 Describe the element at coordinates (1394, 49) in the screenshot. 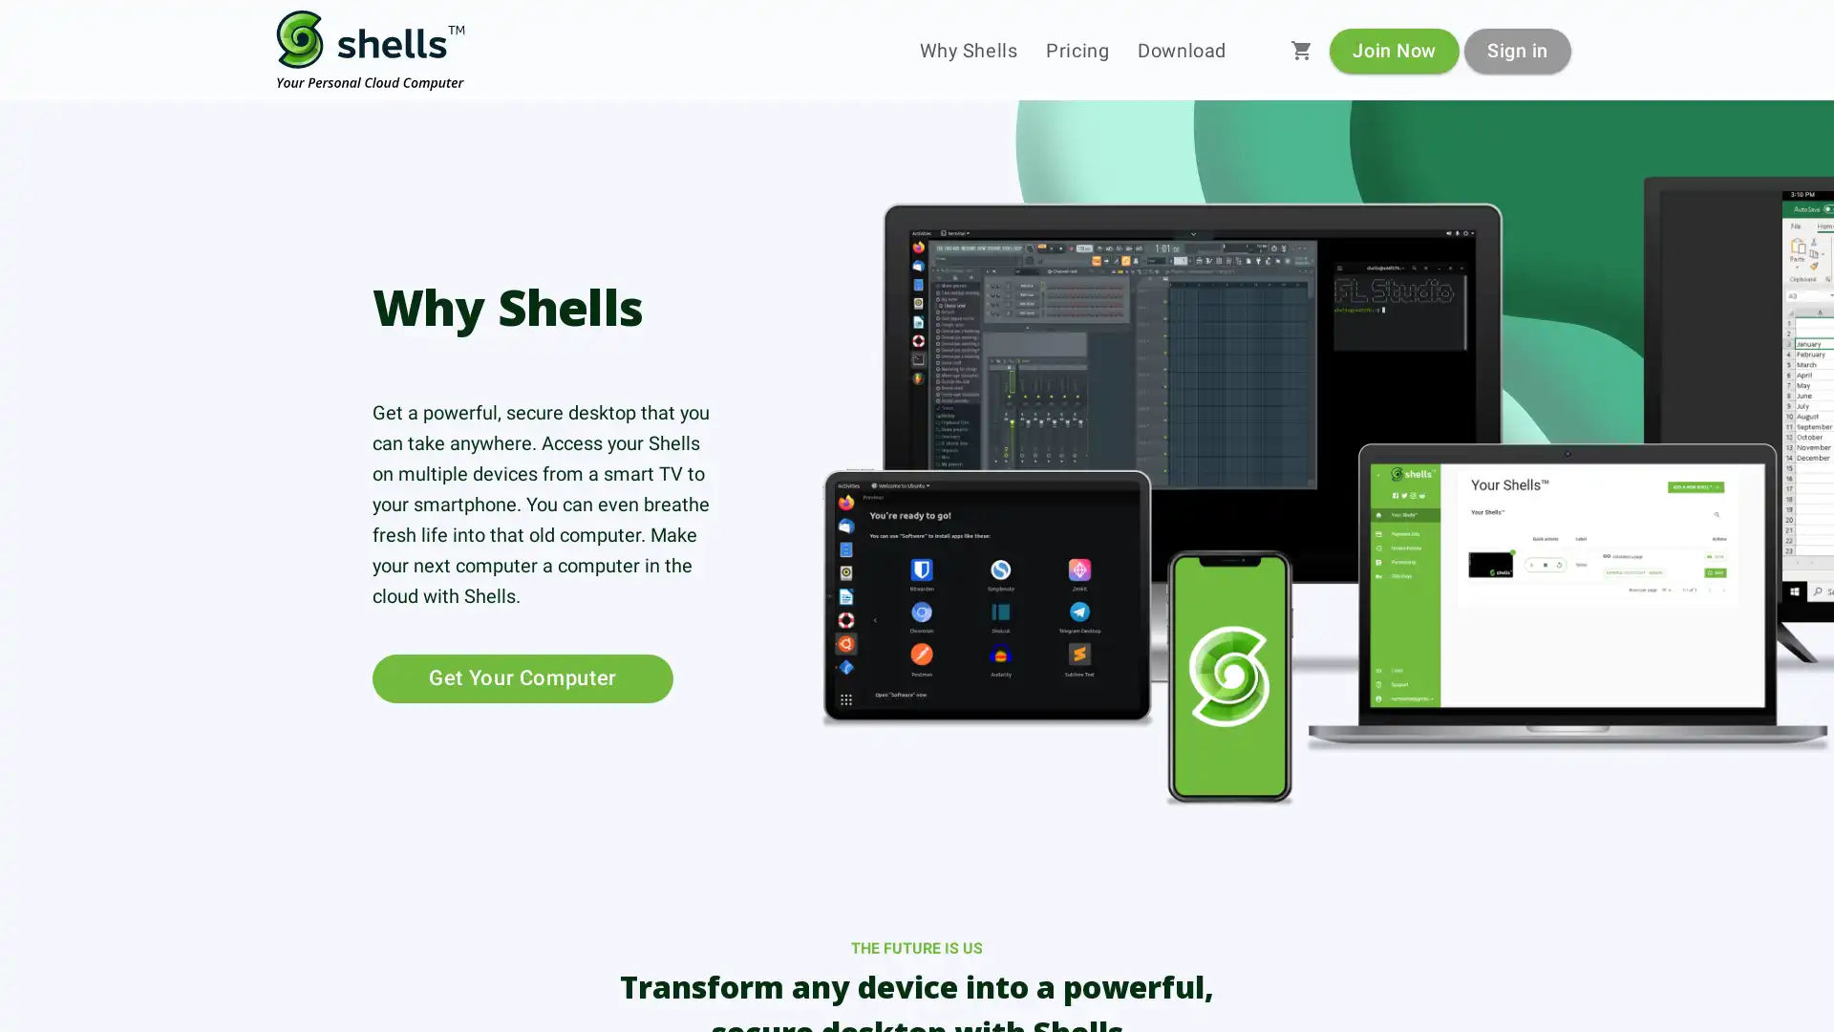

I see `Join Now` at that location.